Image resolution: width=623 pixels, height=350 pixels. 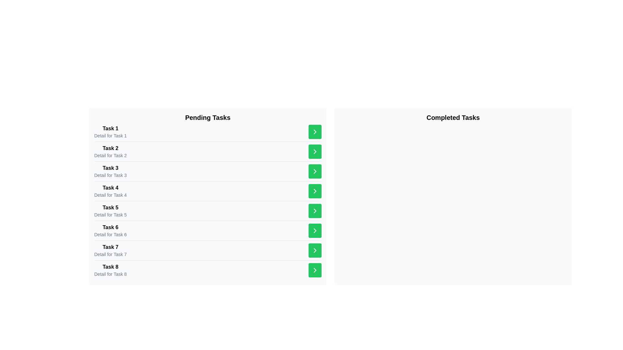 What do you see at coordinates (315, 211) in the screenshot?
I see `the navigation button for 'Task 5' located in the 'Pending Tasks' section` at bounding box center [315, 211].